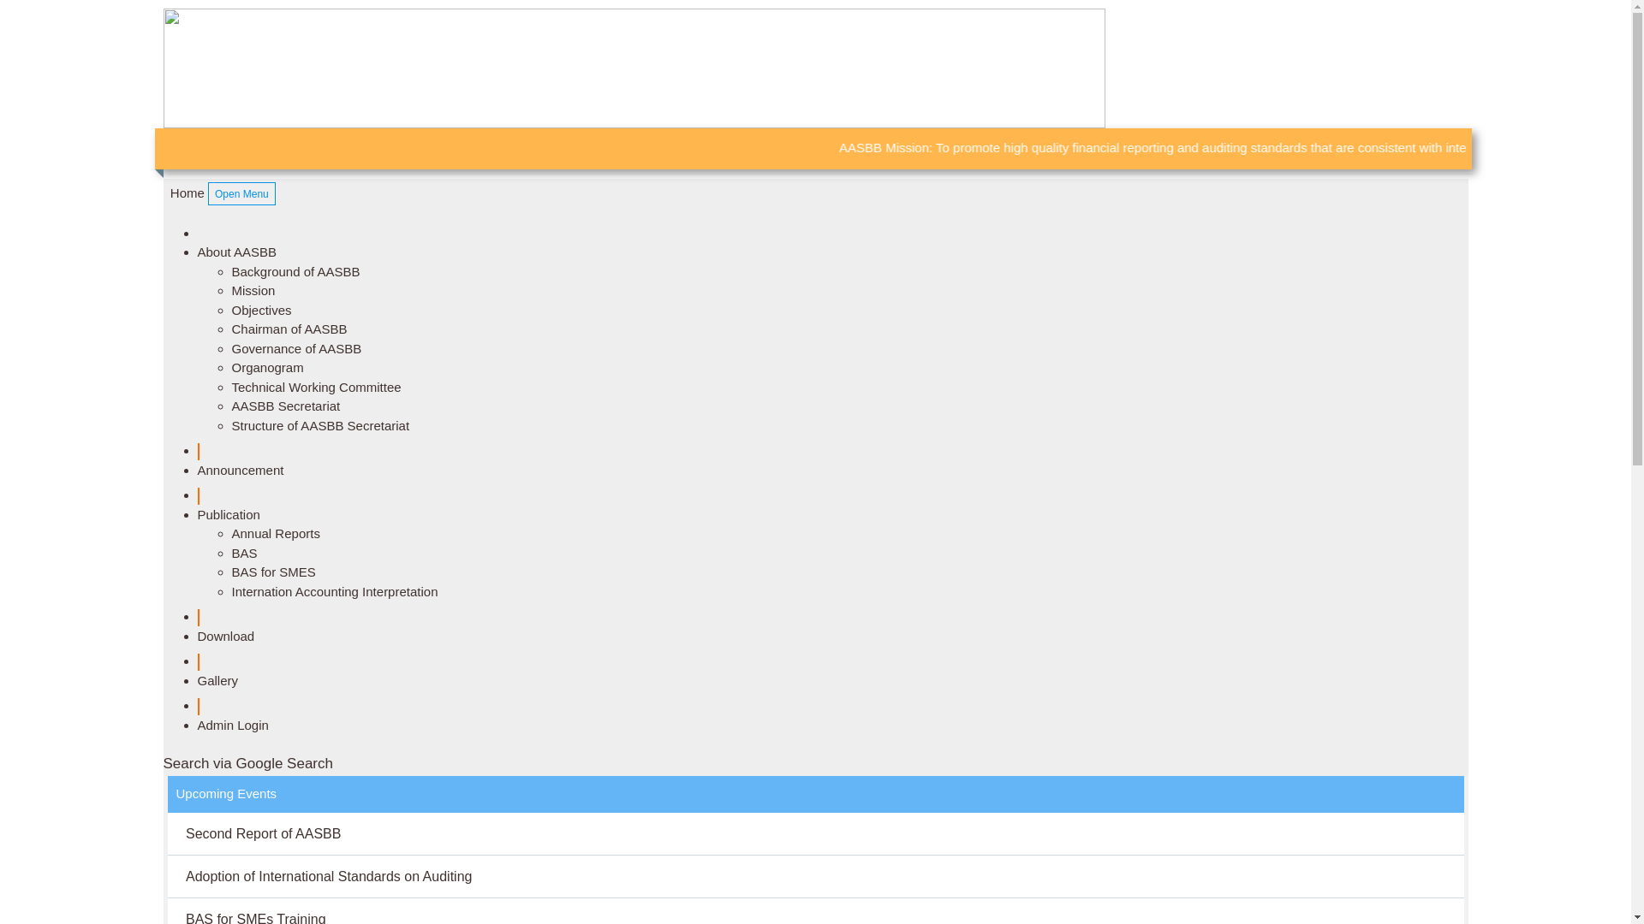  I want to click on 'Organogram', so click(266, 366).